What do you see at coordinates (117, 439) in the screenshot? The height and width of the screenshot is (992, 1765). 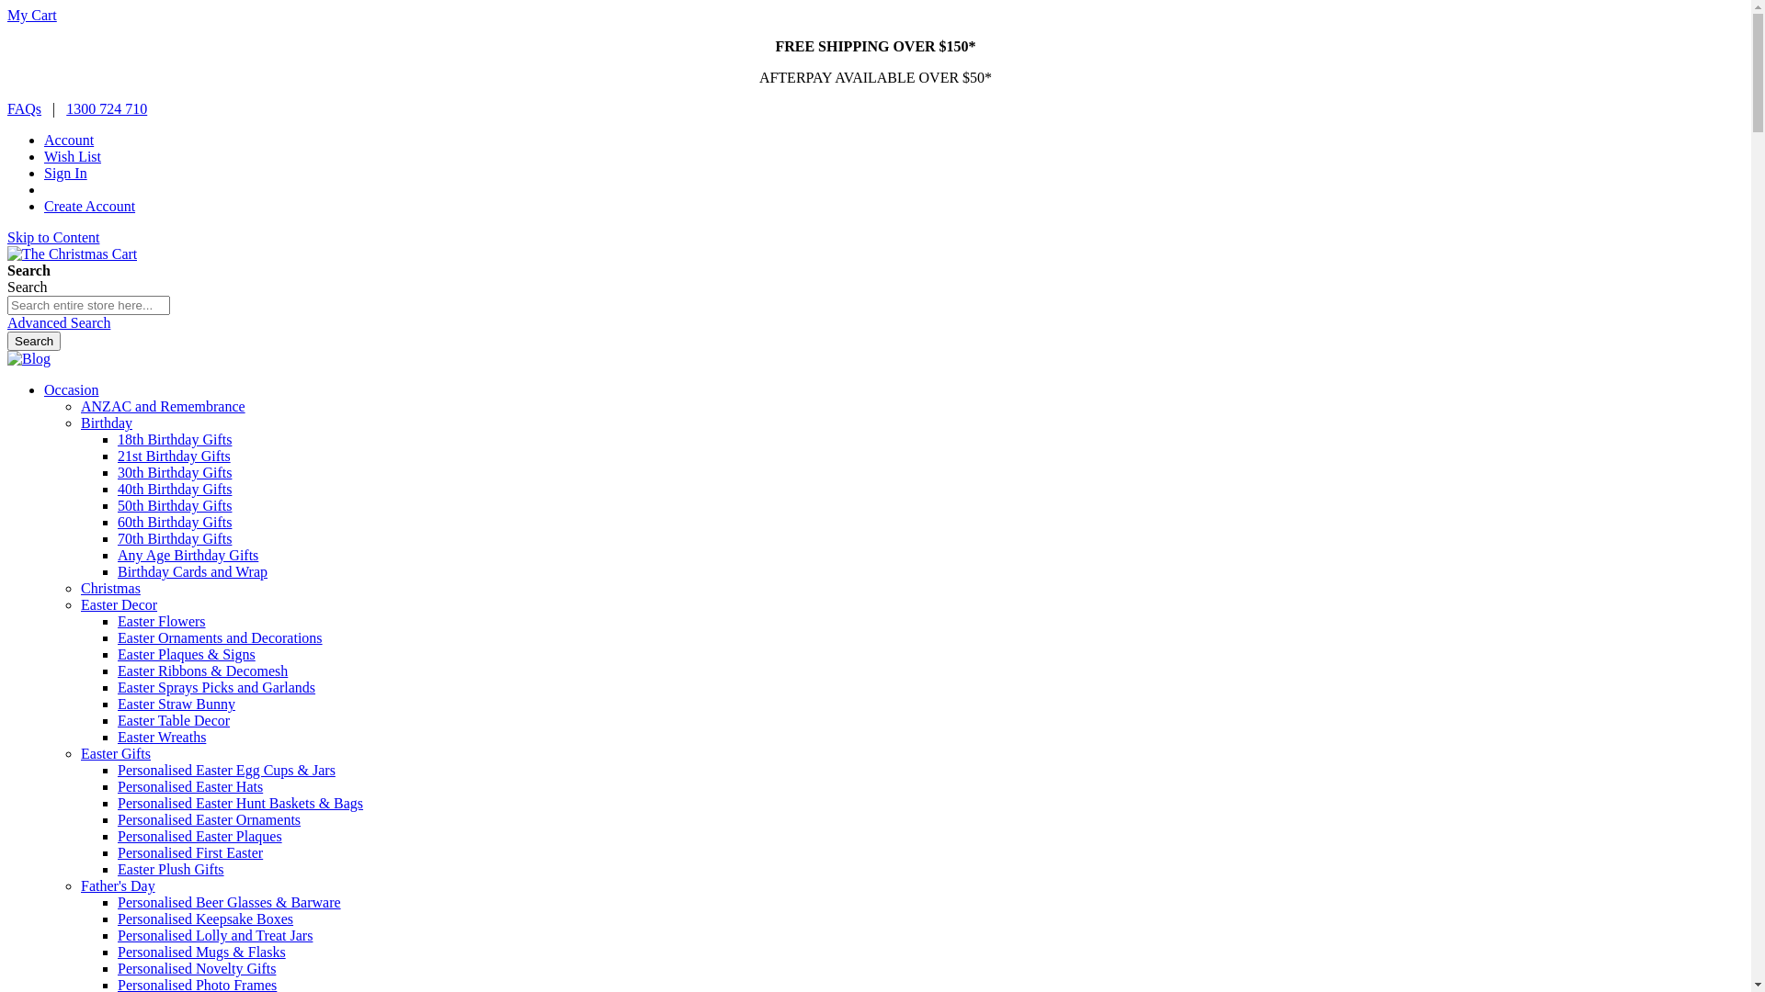 I see `'18th Birthday Gifts'` at bounding box center [117, 439].